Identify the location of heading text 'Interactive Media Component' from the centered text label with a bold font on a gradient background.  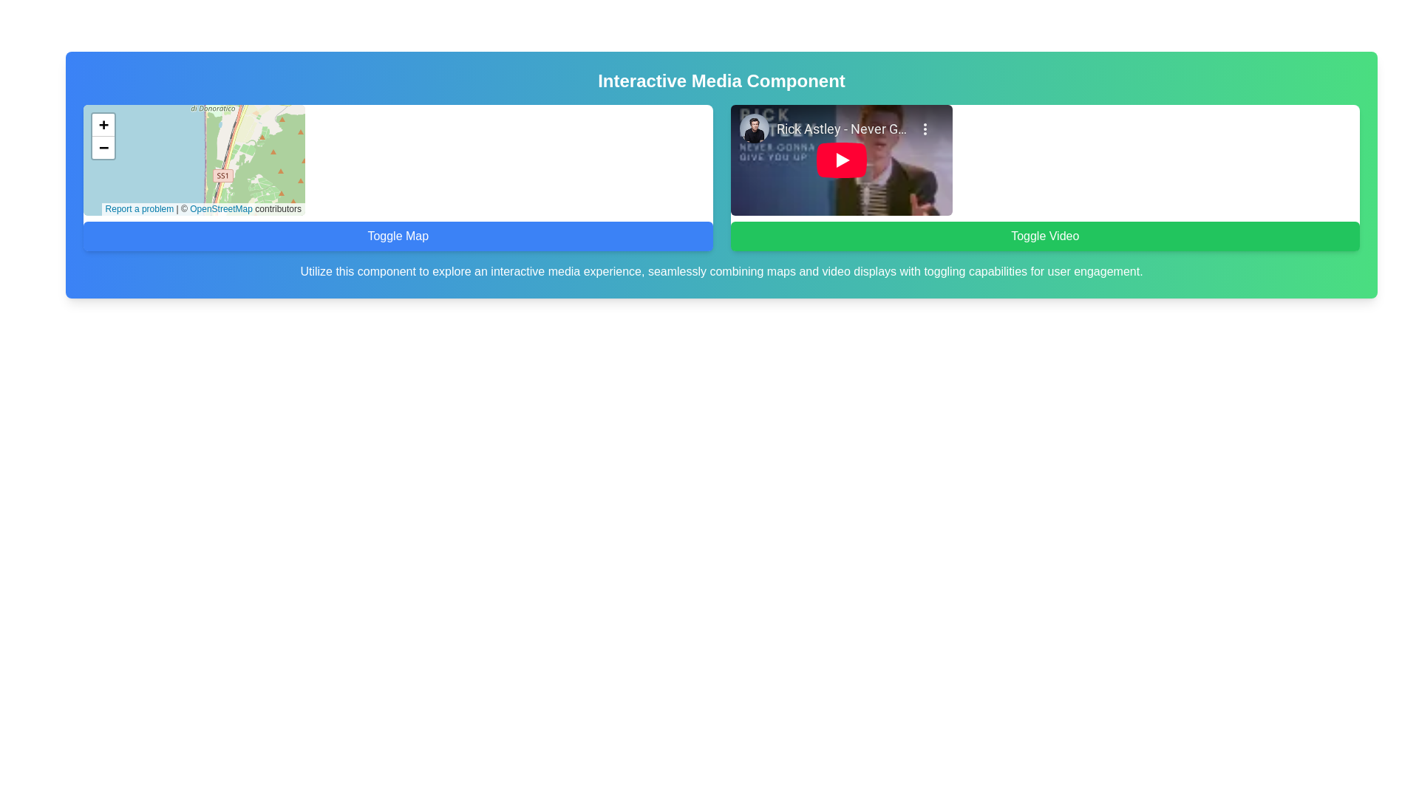
(721, 81).